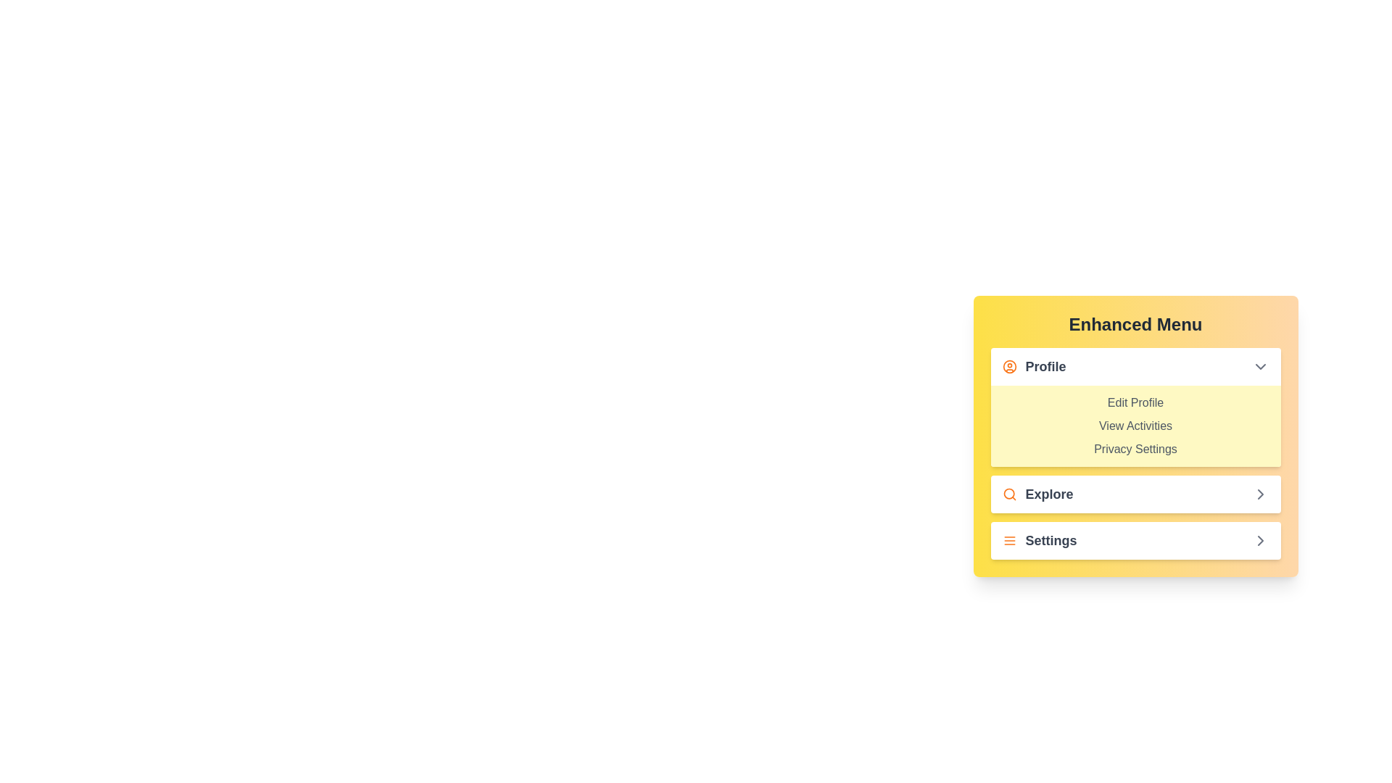 The width and height of the screenshot is (1392, 783). I want to click on the 'View Activities' text label located under the 'Profile' category, positioned between 'Edit Profile' and 'Privacy Settings', so click(1135, 425).